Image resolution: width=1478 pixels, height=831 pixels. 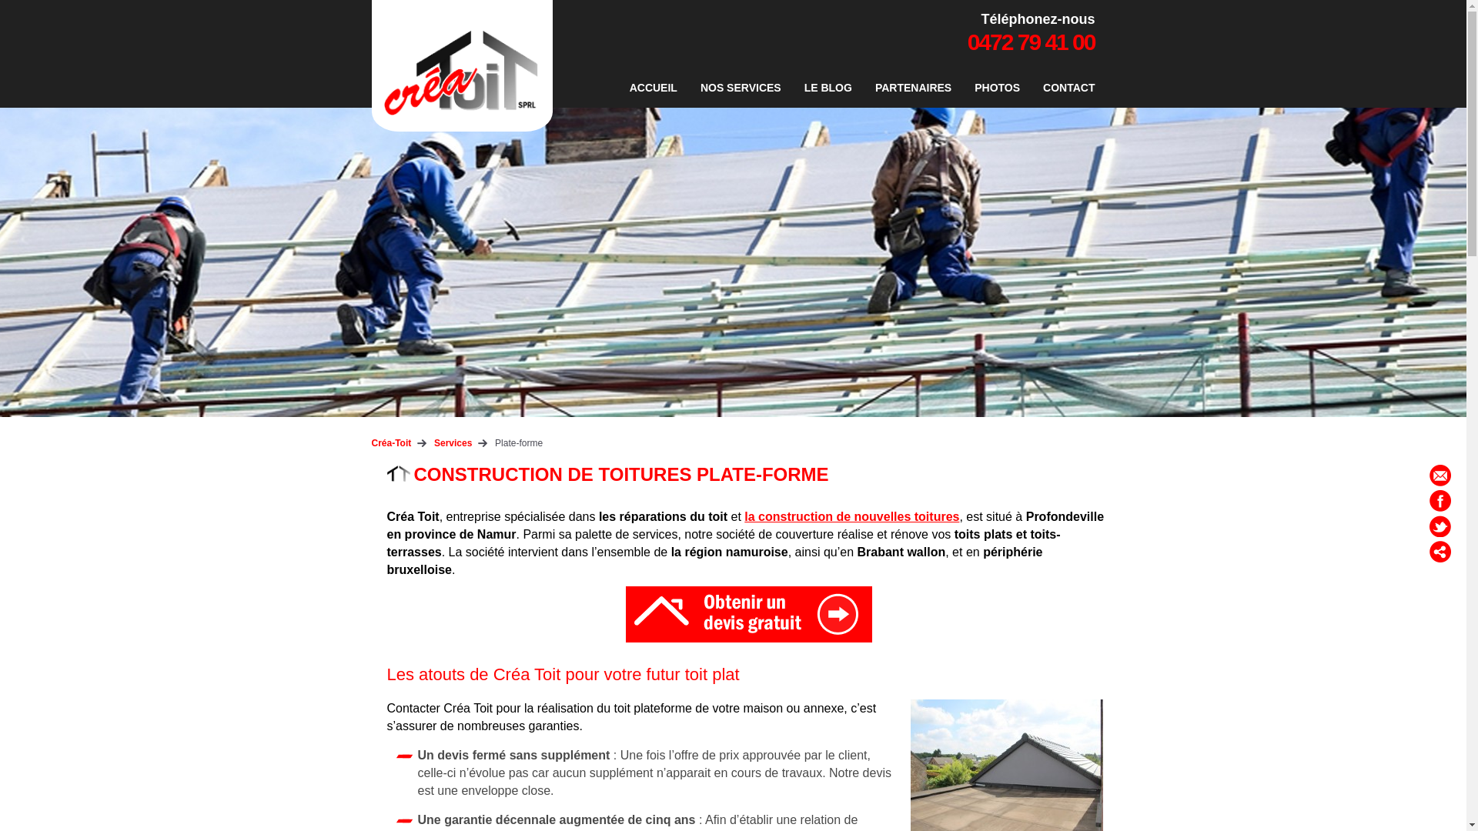 What do you see at coordinates (913, 88) in the screenshot?
I see `'PARTENAIRES'` at bounding box center [913, 88].